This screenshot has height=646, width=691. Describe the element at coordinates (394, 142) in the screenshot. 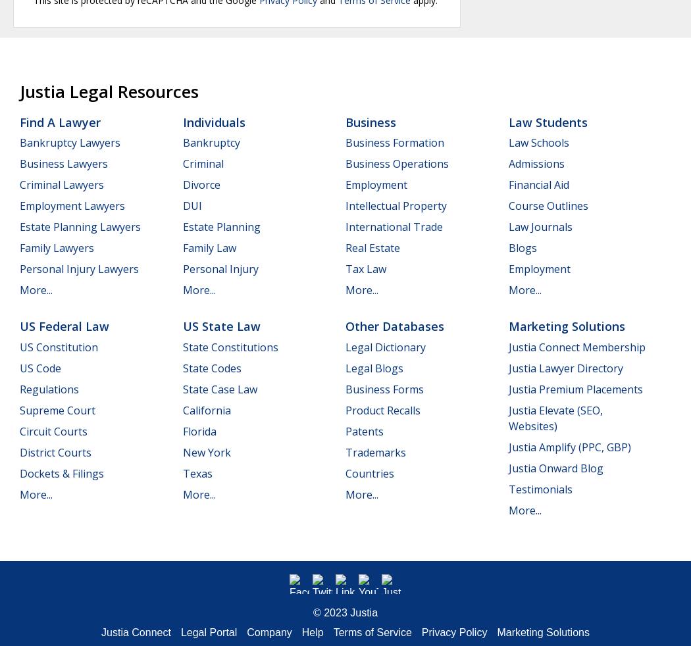

I see `'Business Formation'` at that location.